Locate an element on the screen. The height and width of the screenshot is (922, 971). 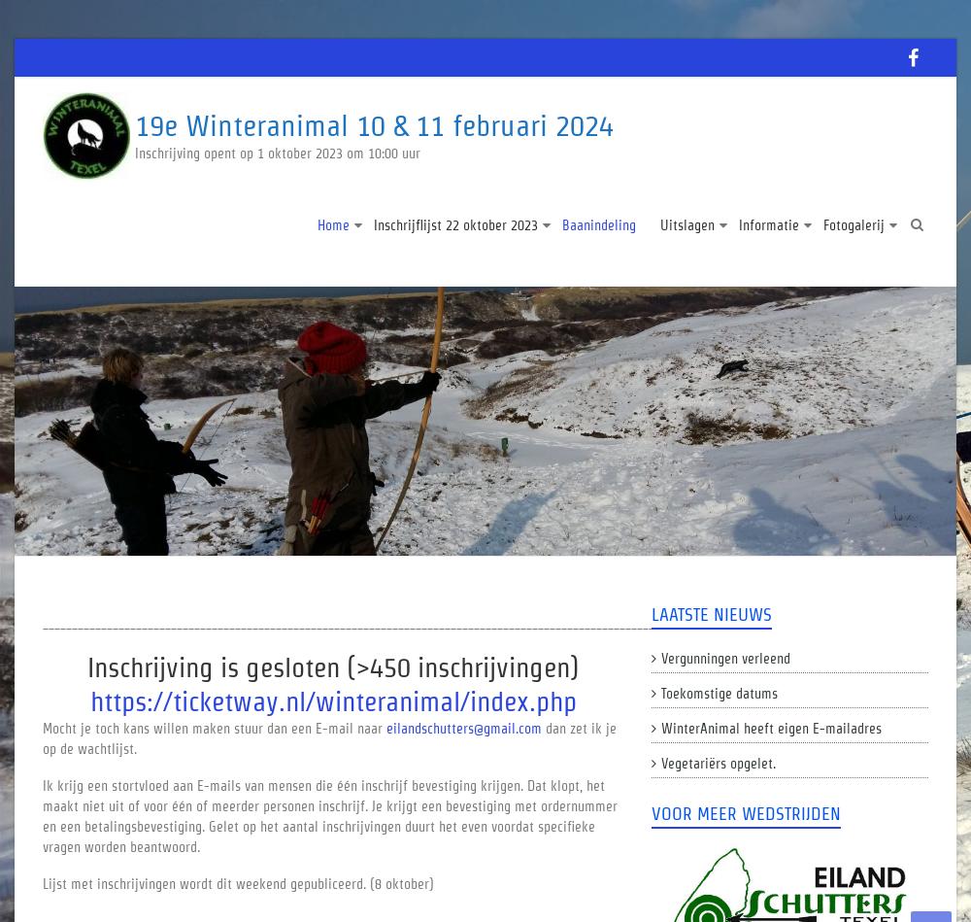
'Voor meer wedstrijden' is located at coordinates (745, 812).